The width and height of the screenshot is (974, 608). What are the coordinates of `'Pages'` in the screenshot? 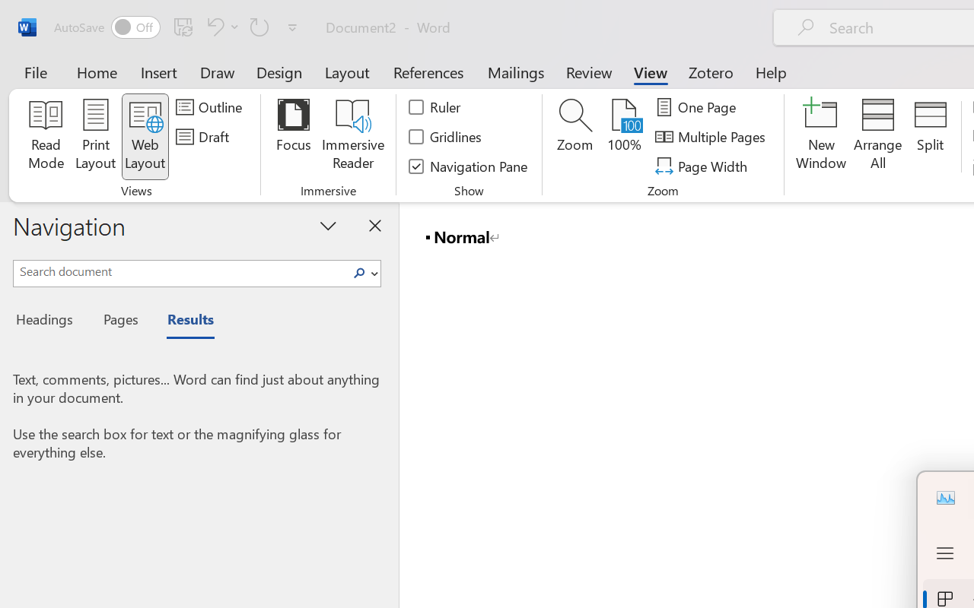 It's located at (118, 321).